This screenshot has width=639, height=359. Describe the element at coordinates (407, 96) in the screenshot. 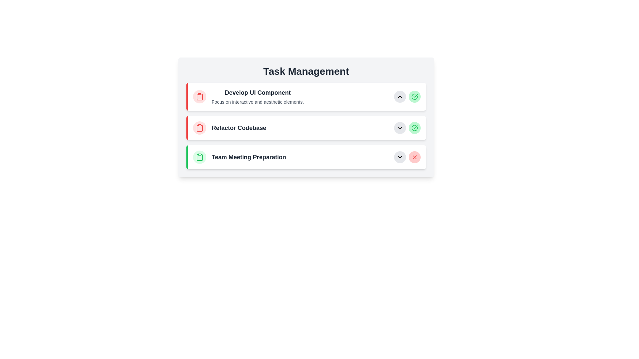

I see `the light gray circular button with a black upward arrow icon located at the top-right of the 'Develop UI Component' task under 'Task Management' to move the task` at that location.